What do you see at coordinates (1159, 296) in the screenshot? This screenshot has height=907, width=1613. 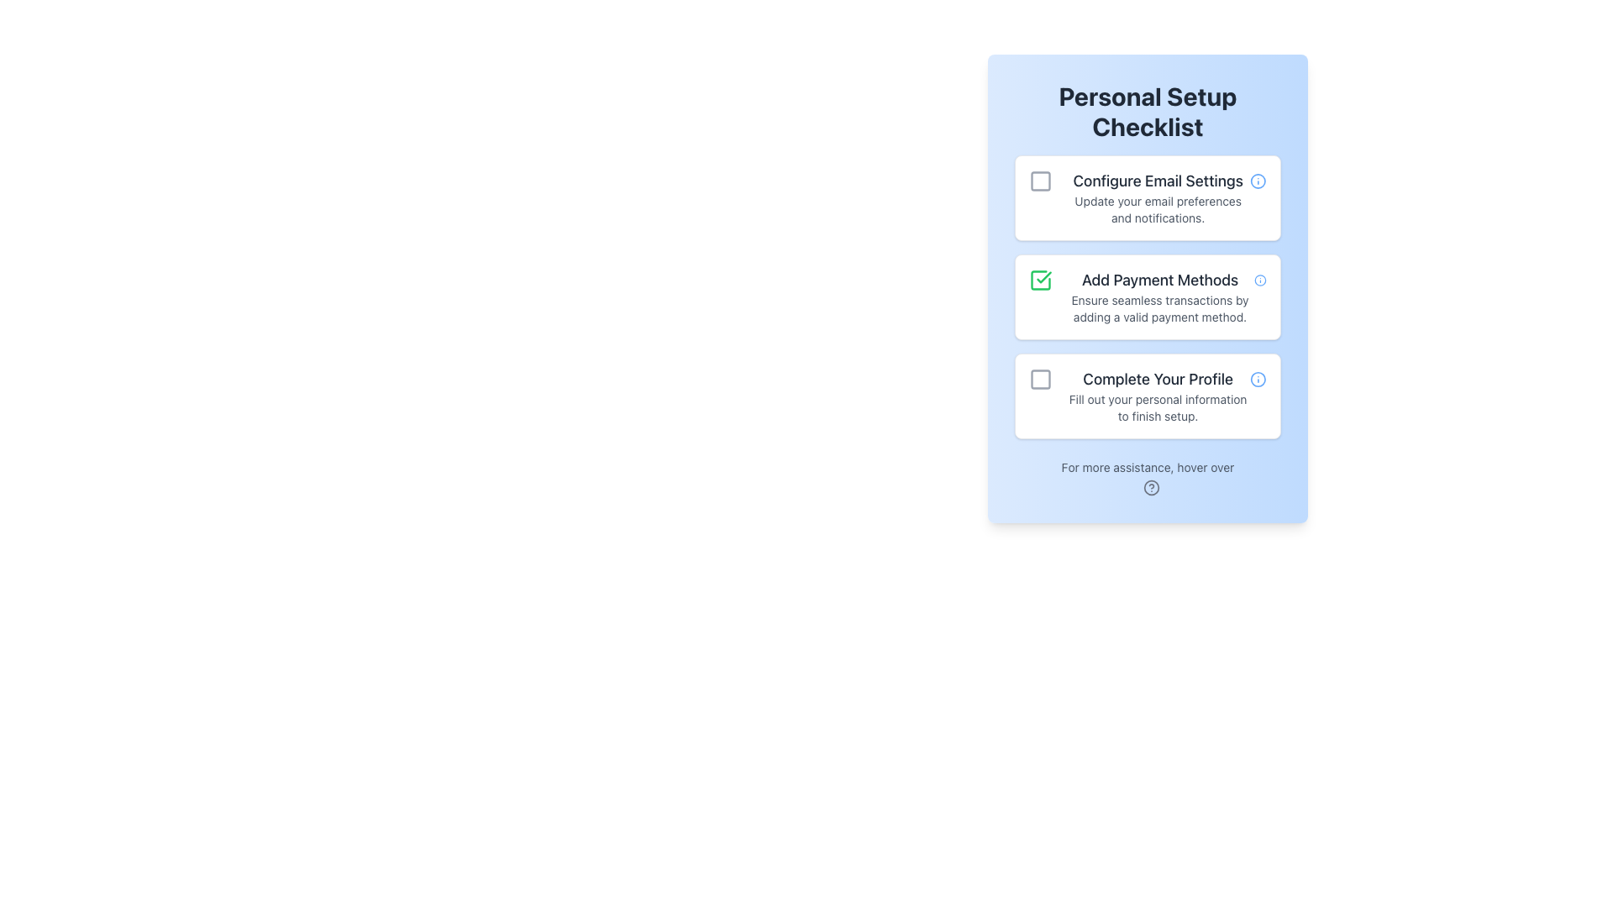 I see `the informational text block titled 'Add Payment Methods', which contains a description about adding a valid payment method and is visually centered within a white background` at bounding box center [1159, 296].